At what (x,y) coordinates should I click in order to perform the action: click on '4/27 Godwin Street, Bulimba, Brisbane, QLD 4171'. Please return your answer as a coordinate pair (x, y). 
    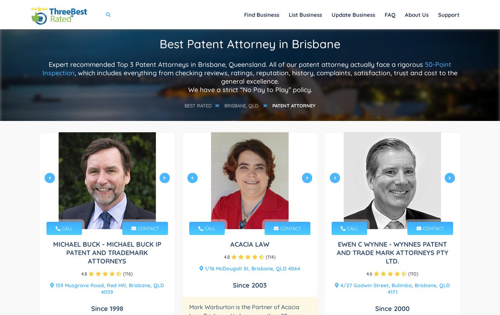
    Looking at the image, I should click on (394, 289).